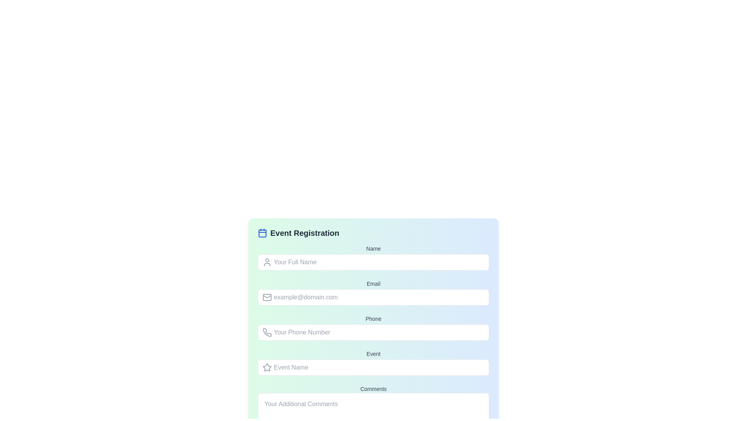 The image size is (749, 421). I want to click on the text label displaying the word 'Event', which is styled in medium gray and serves as a label for the 'Event Name' input field in the 'Event Registration' form, so click(373, 354).